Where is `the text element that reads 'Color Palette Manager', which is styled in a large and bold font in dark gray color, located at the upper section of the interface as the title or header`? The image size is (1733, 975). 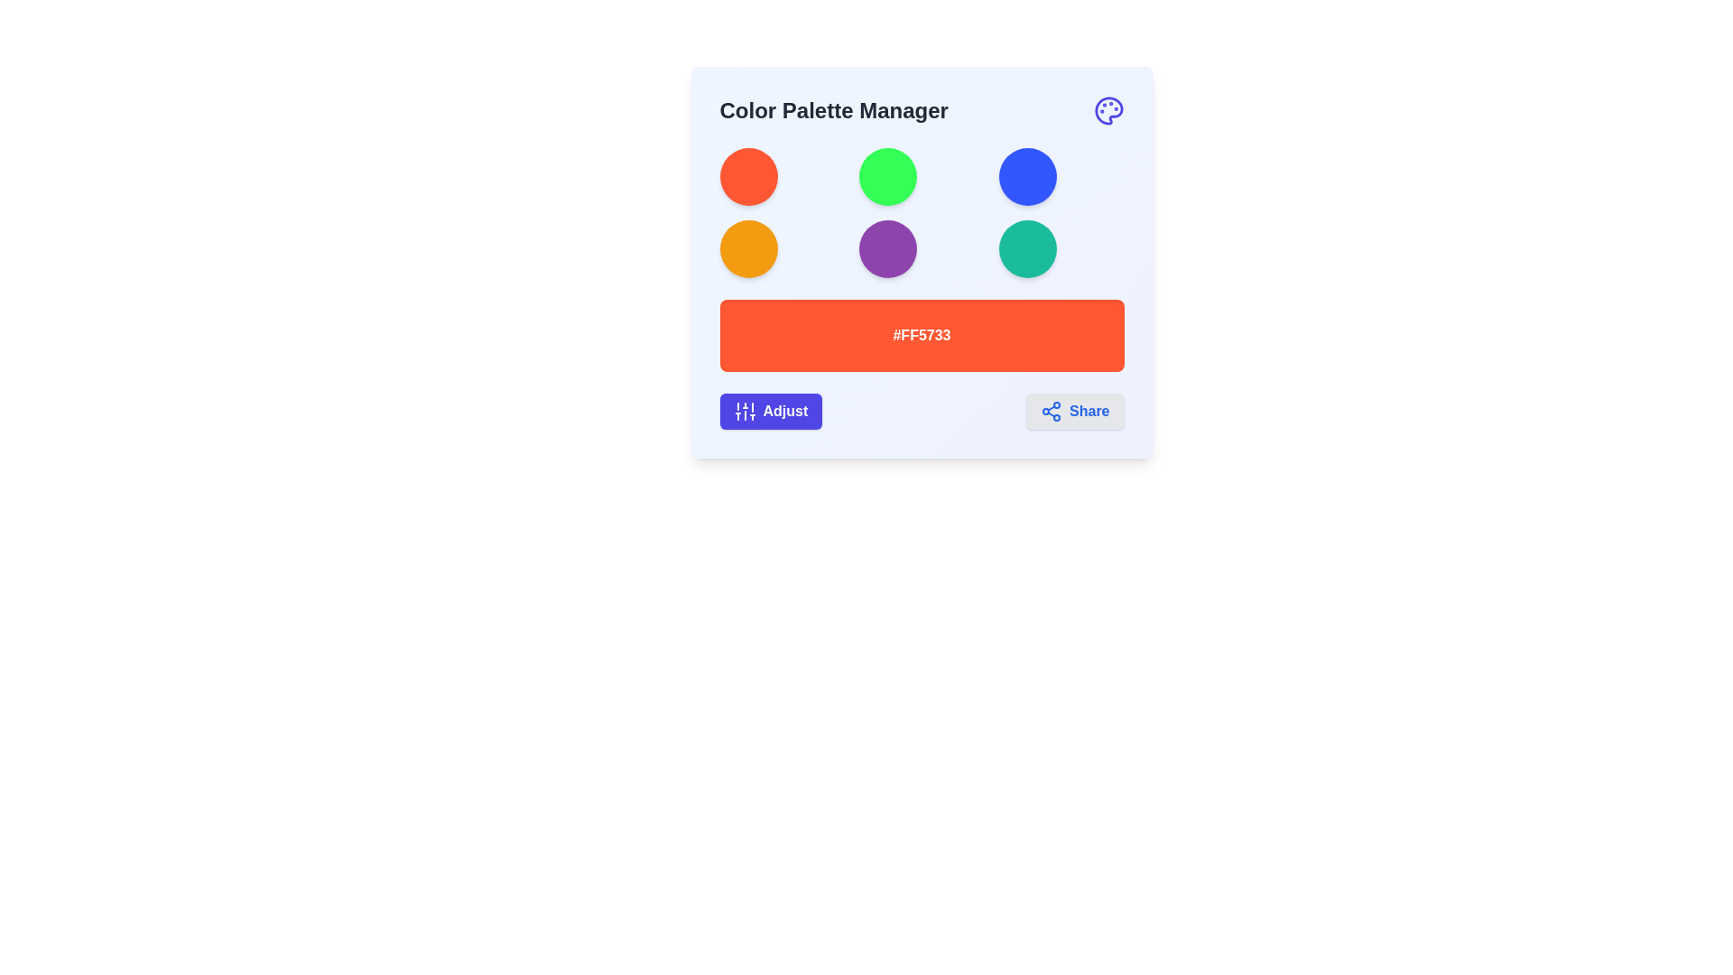 the text element that reads 'Color Palette Manager', which is styled in a large and bold font in dark gray color, located at the upper section of the interface as the title or header is located at coordinates (833, 111).